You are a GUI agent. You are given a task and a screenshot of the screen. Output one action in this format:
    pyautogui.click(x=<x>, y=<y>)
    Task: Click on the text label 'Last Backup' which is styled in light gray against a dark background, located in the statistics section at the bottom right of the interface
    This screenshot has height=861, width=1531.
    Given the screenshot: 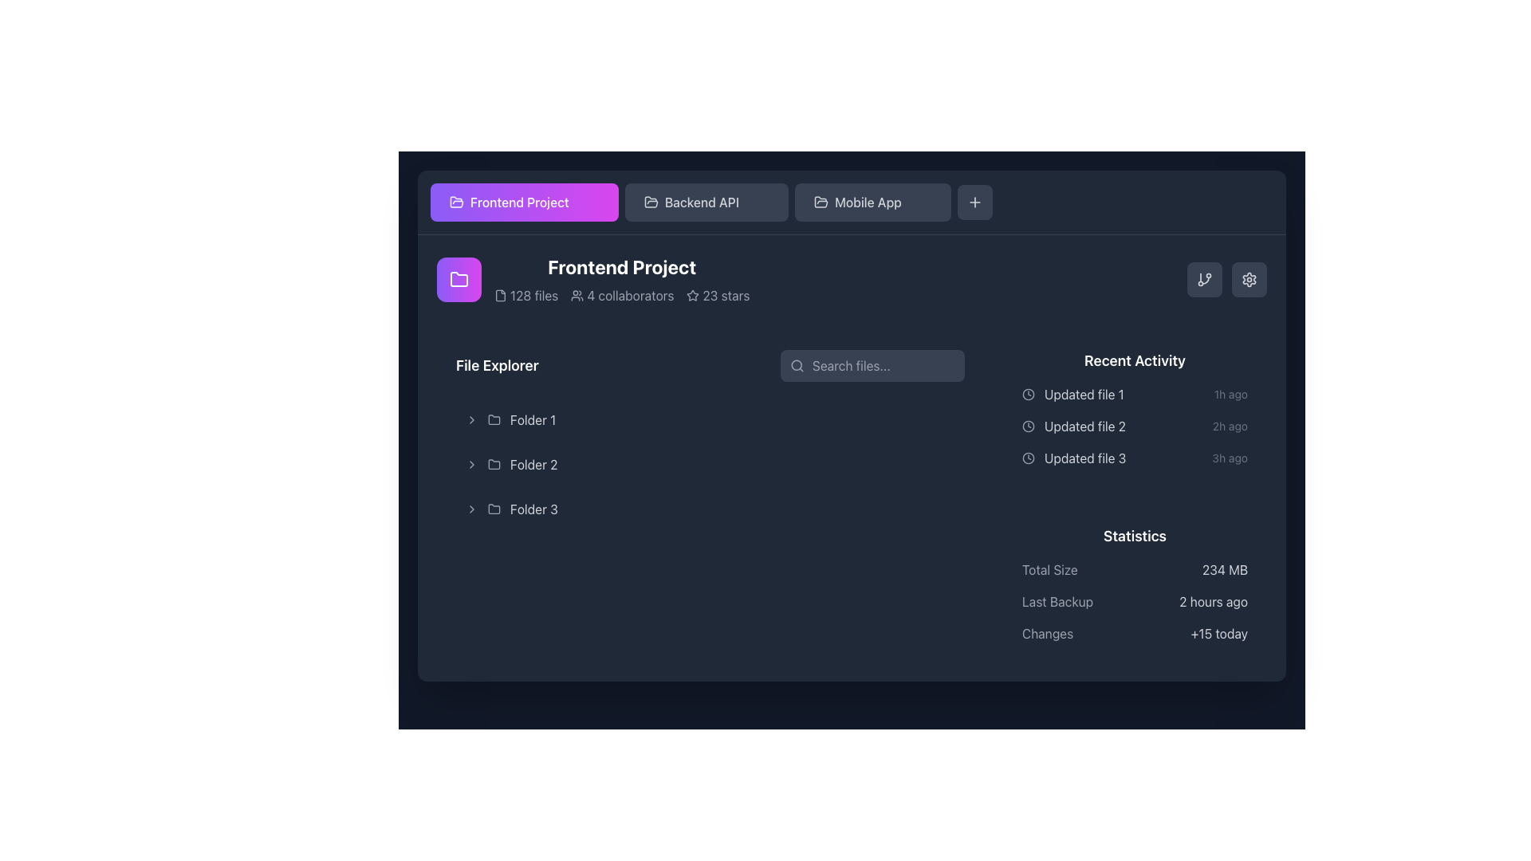 What is the action you would take?
    pyautogui.click(x=1057, y=602)
    